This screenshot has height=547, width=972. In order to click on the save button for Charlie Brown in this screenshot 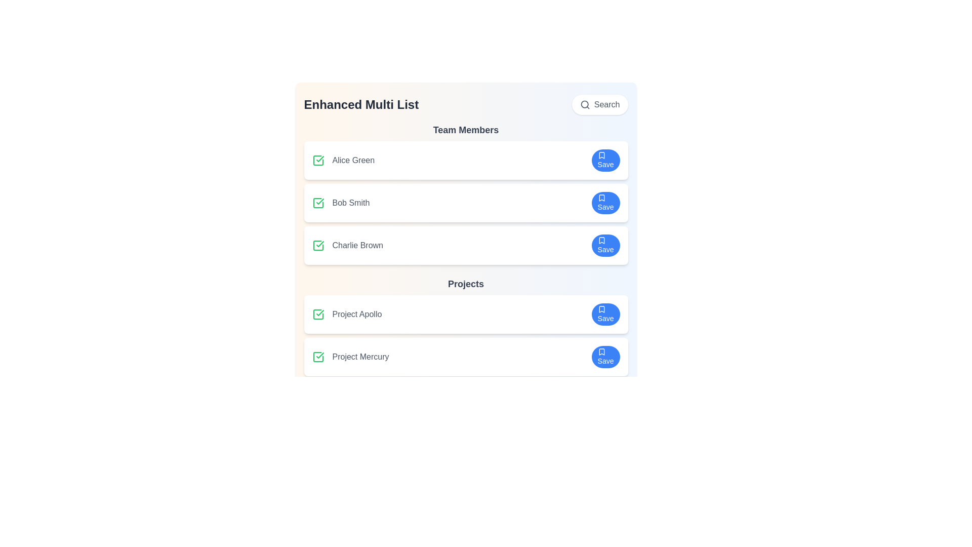, I will do `click(605, 246)`.